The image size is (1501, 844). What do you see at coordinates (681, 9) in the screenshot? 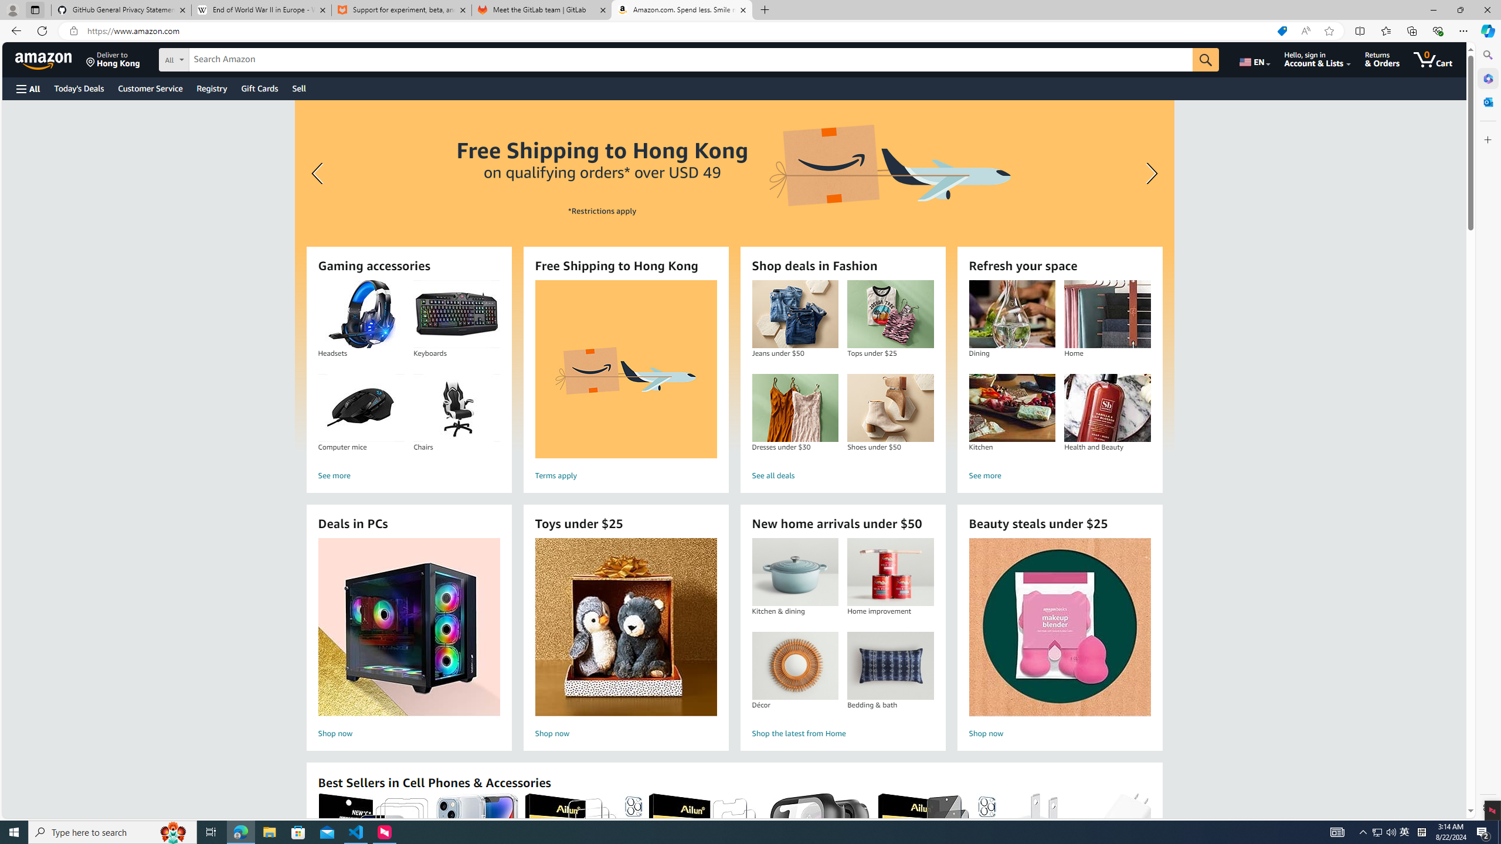
I see `'Amazon.com. Spend less. Smile more.'` at bounding box center [681, 9].